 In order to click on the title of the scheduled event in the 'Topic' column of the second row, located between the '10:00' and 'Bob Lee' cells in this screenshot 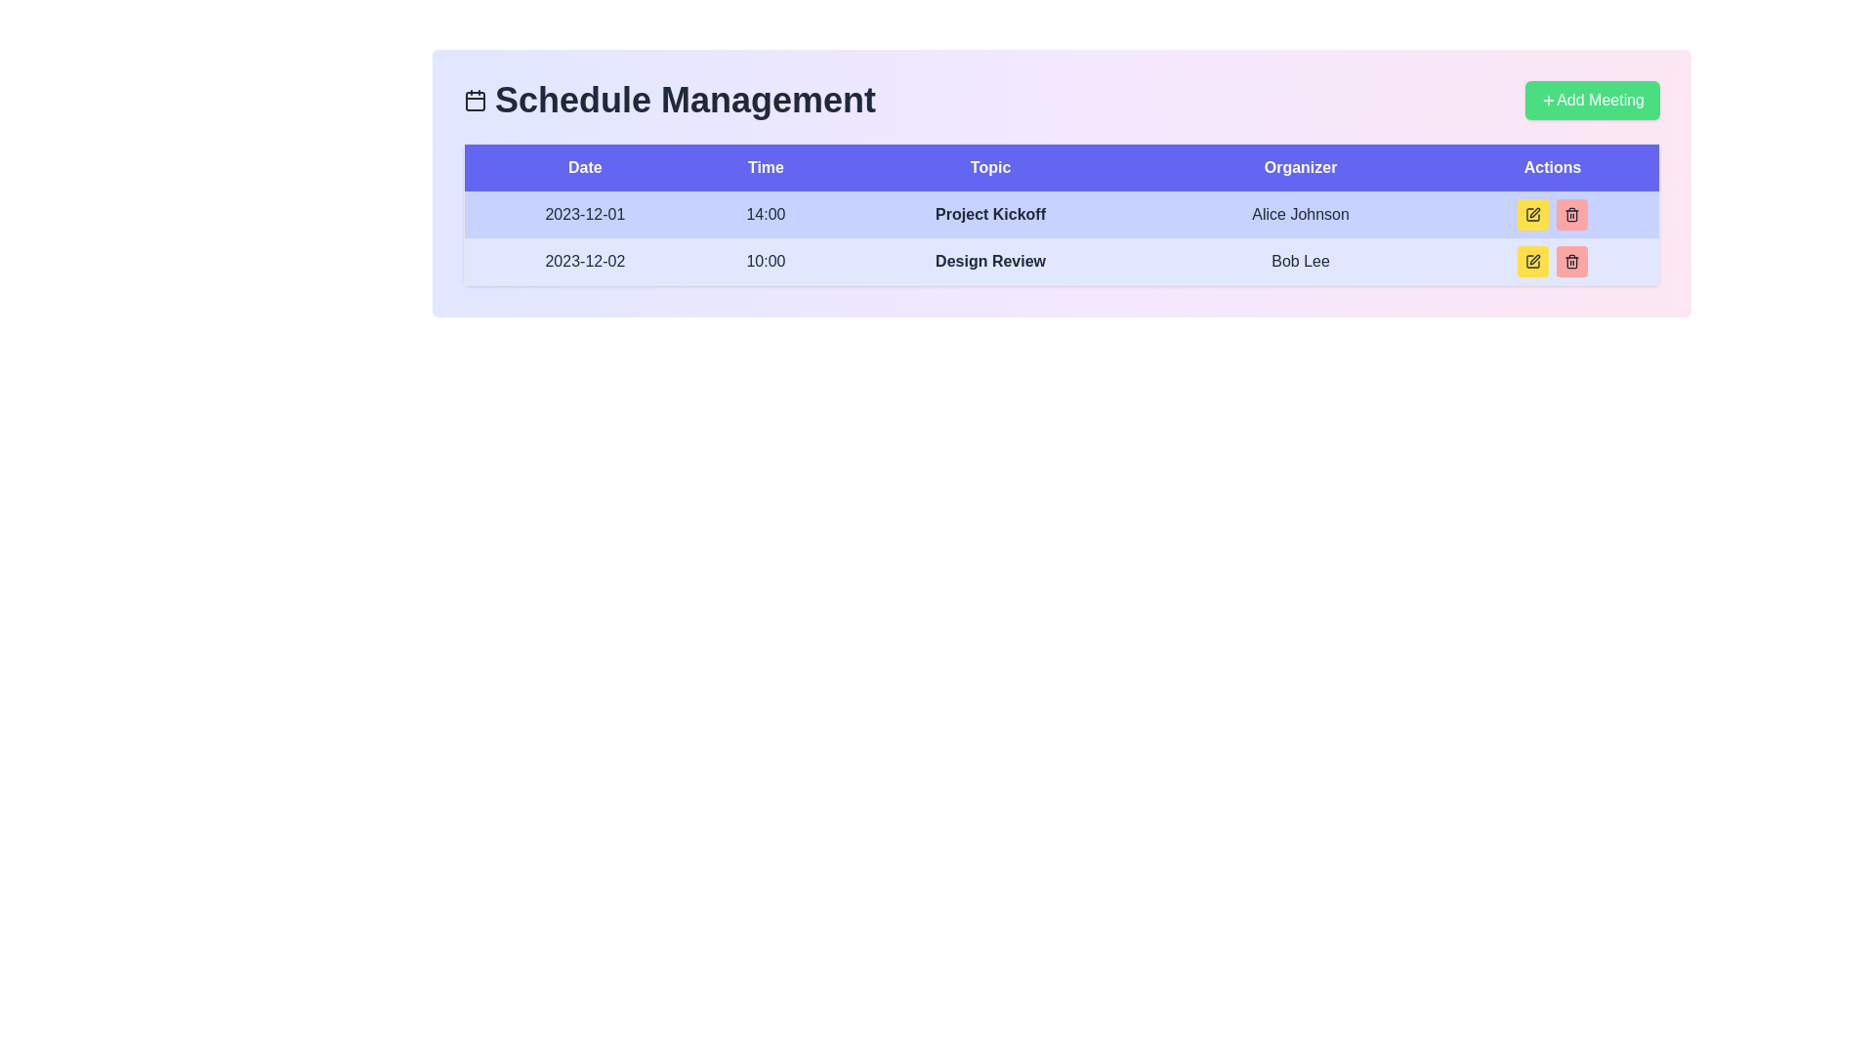, I will do `click(990, 261)`.